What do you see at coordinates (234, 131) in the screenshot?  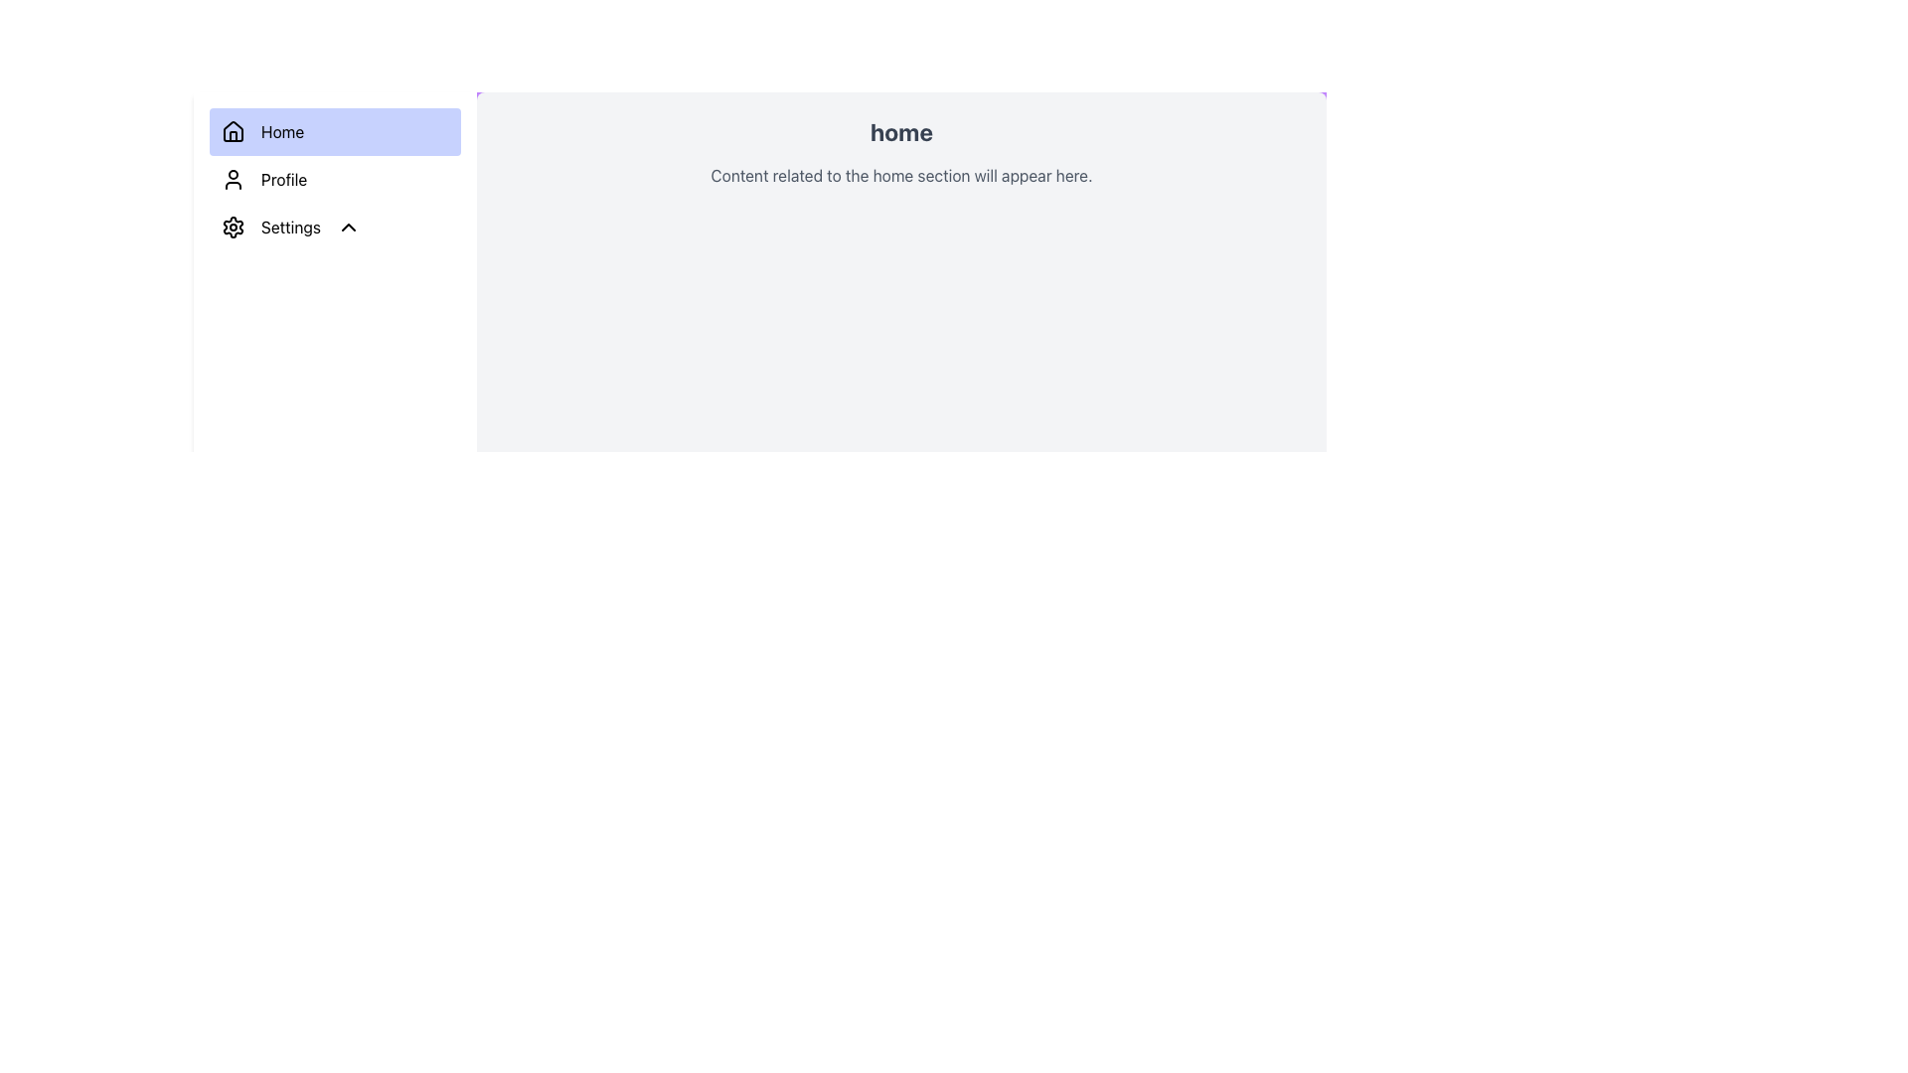 I see `the 'Home' icon located at the top of the sidebar, which is the first entry in the sidebar group and has a light purple background` at bounding box center [234, 131].